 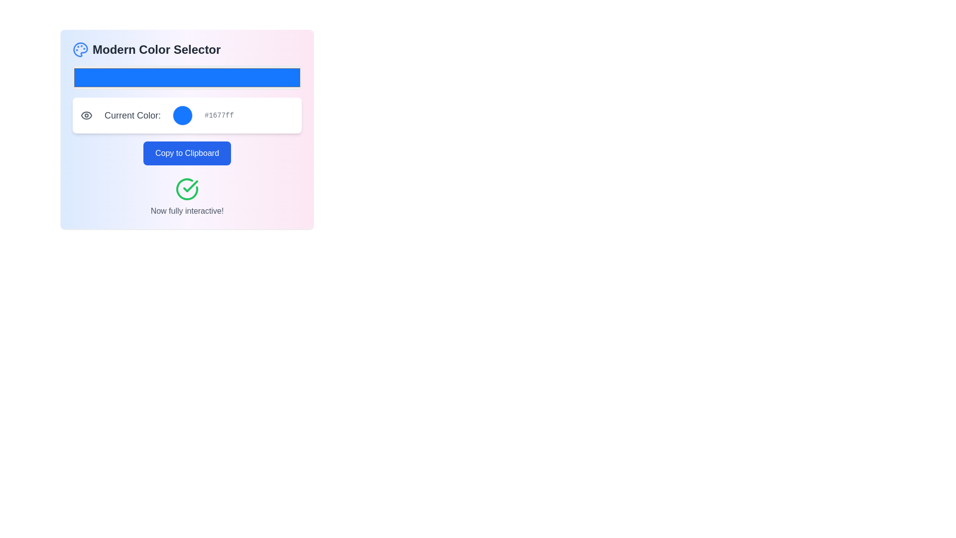 I want to click on the text label displaying 'Now fully interactive!' in gray font, which is located at the bottom of a centered block with a green check icon above it, so click(x=187, y=211).